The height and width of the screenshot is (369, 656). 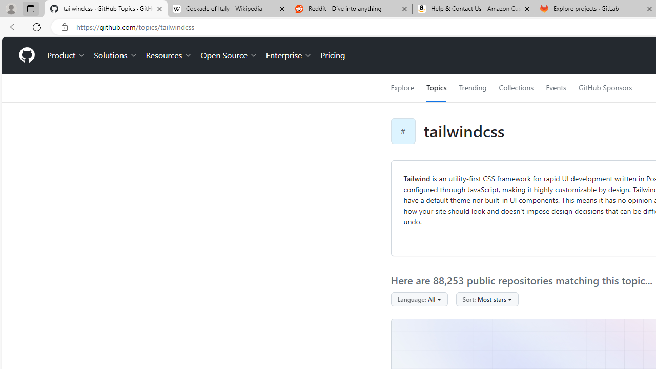 What do you see at coordinates (288, 55) in the screenshot?
I see `'Enterprise'` at bounding box center [288, 55].